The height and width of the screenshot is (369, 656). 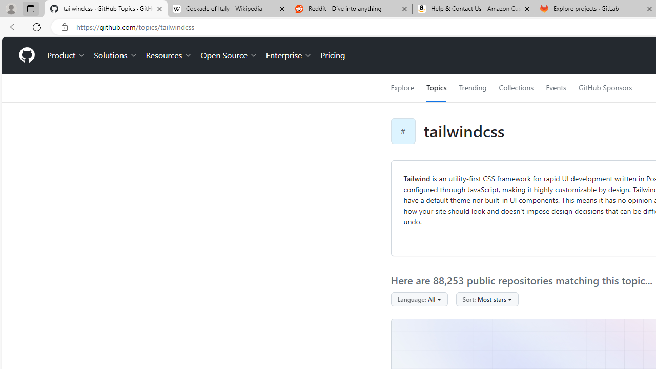 What do you see at coordinates (288, 55) in the screenshot?
I see `'Enterprise'` at bounding box center [288, 55].